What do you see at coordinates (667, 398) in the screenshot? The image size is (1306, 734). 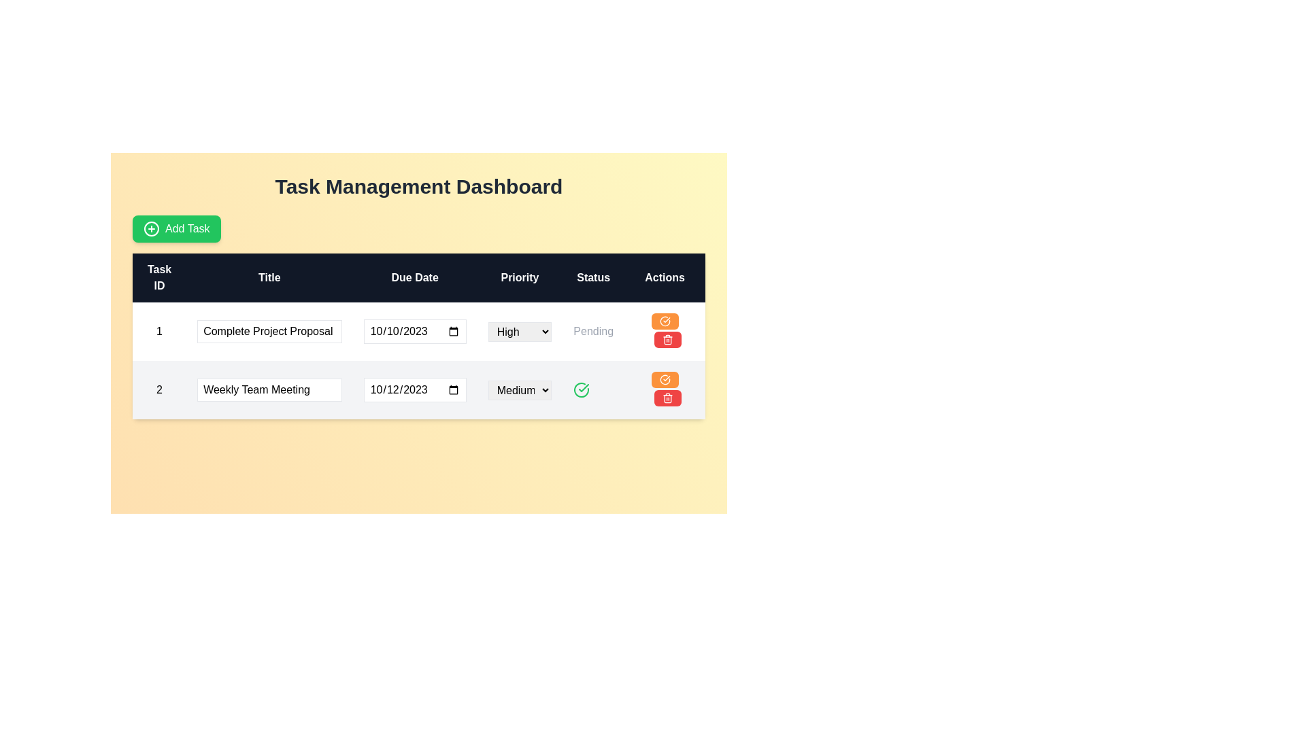 I see `the trash bin icon button with a red background in the 'Actions' column of the second row in the 'Task Management Dashboard'` at bounding box center [667, 398].